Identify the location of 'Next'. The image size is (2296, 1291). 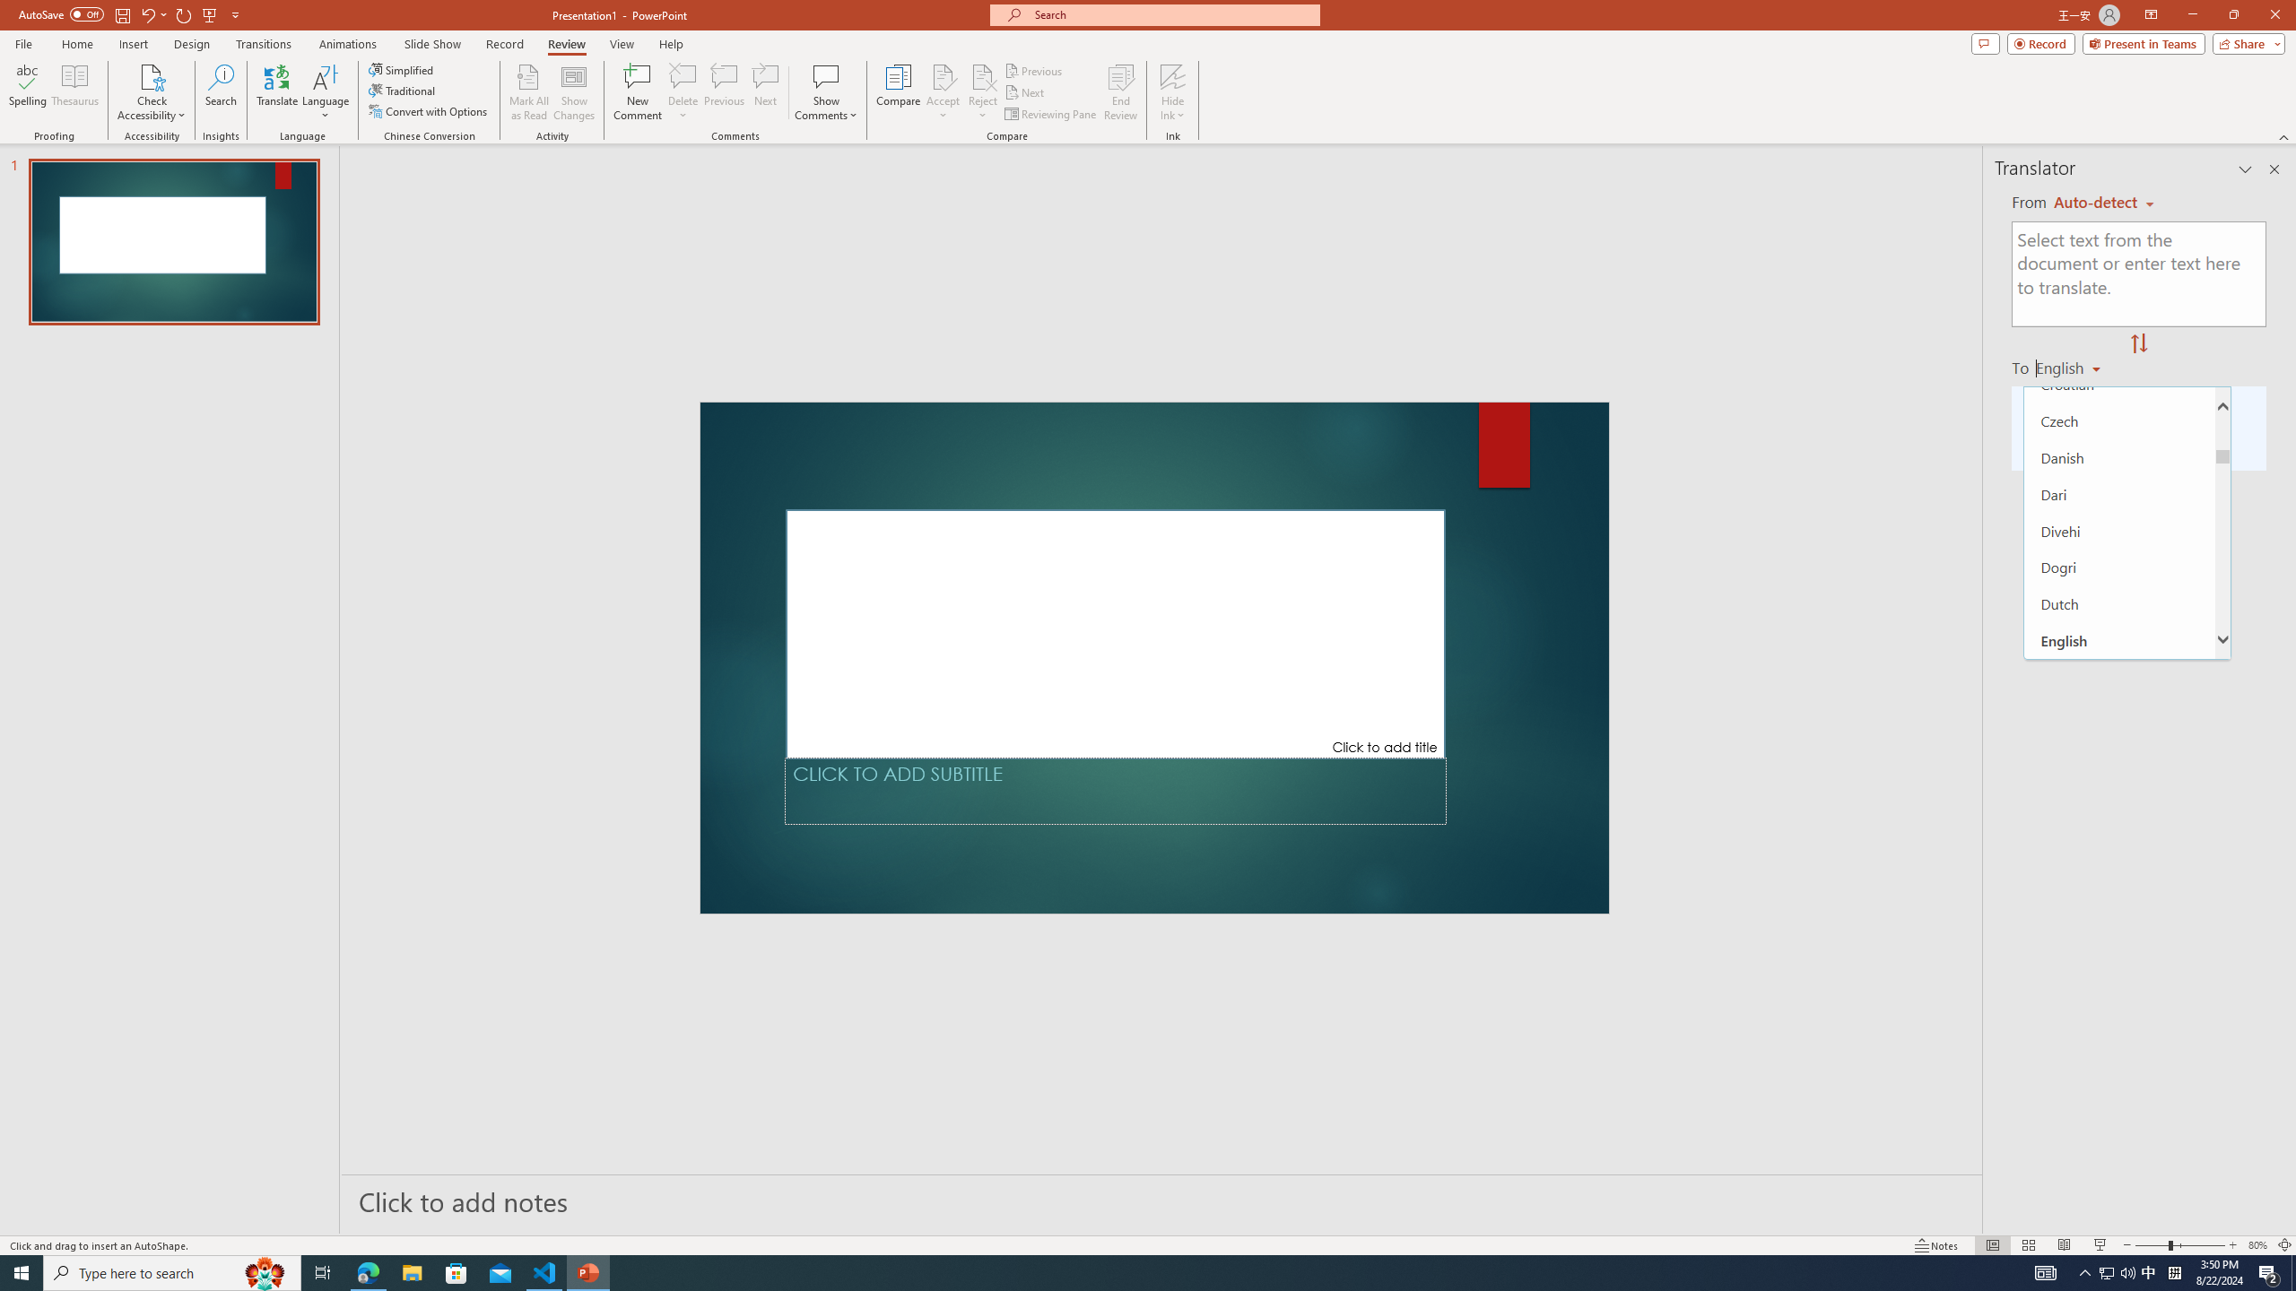
(1024, 92).